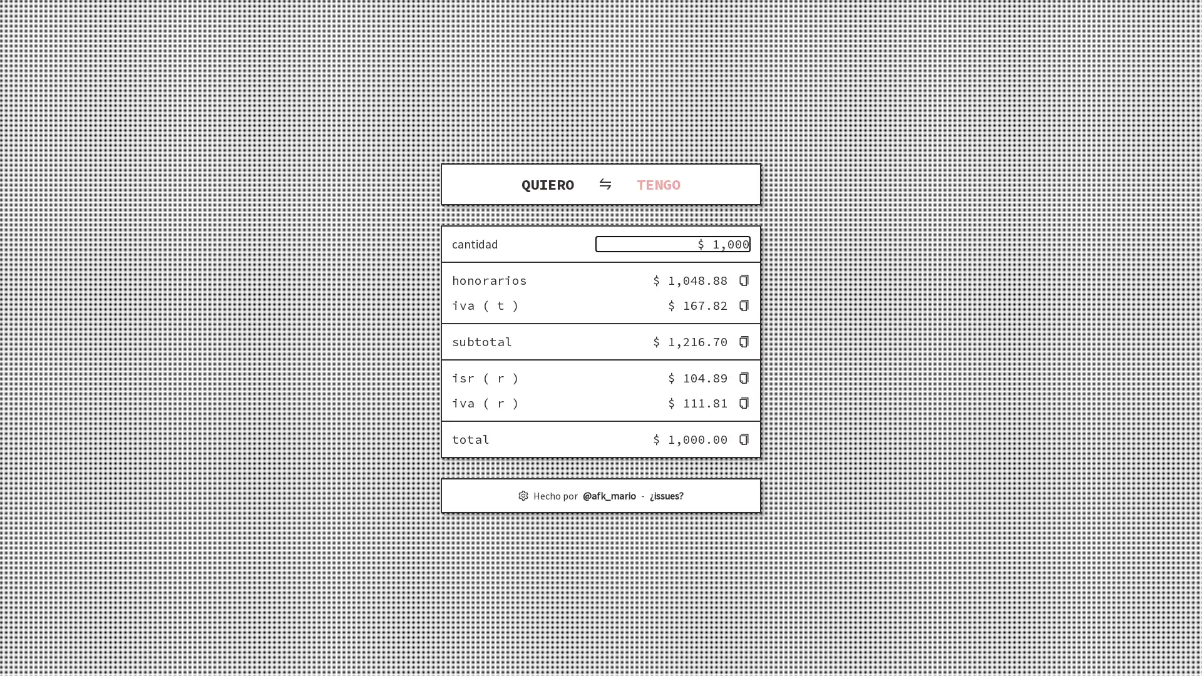 The height and width of the screenshot is (676, 1202). Describe the element at coordinates (601, 341) in the screenshot. I see `subtotal $ 1,216.70` at that location.